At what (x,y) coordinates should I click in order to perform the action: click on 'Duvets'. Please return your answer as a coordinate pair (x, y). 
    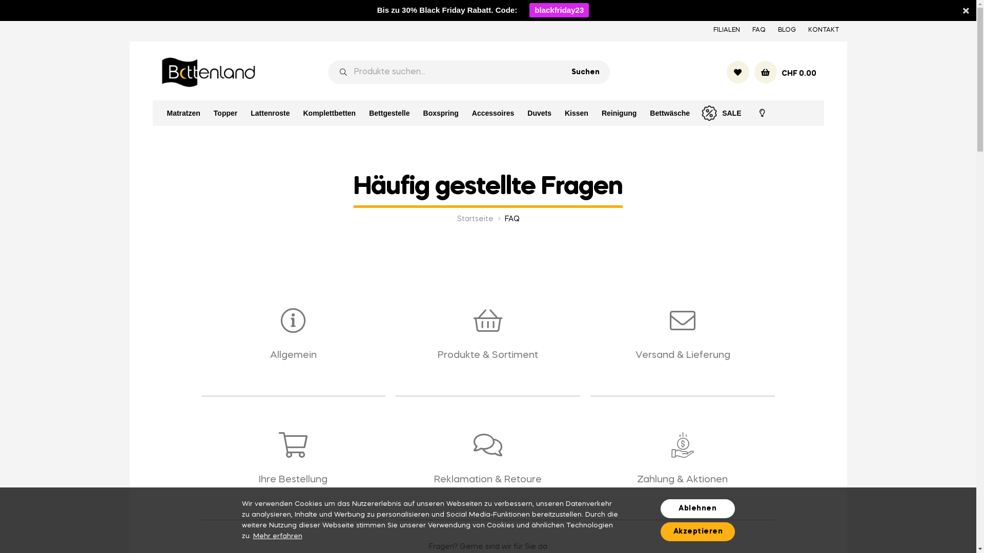
    Looking at the image, I should click on (521, 113).